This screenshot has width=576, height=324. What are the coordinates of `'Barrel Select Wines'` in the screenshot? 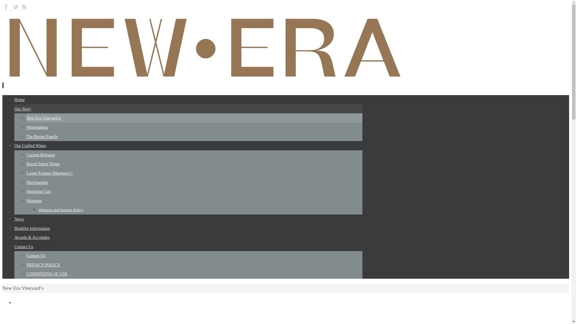 It's located at (43, 164).